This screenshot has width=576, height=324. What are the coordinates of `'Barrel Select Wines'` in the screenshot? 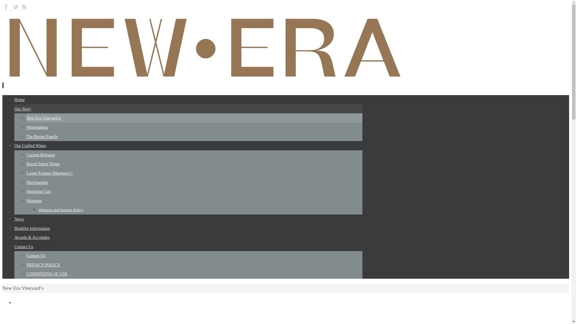 It's located at (43, 164).